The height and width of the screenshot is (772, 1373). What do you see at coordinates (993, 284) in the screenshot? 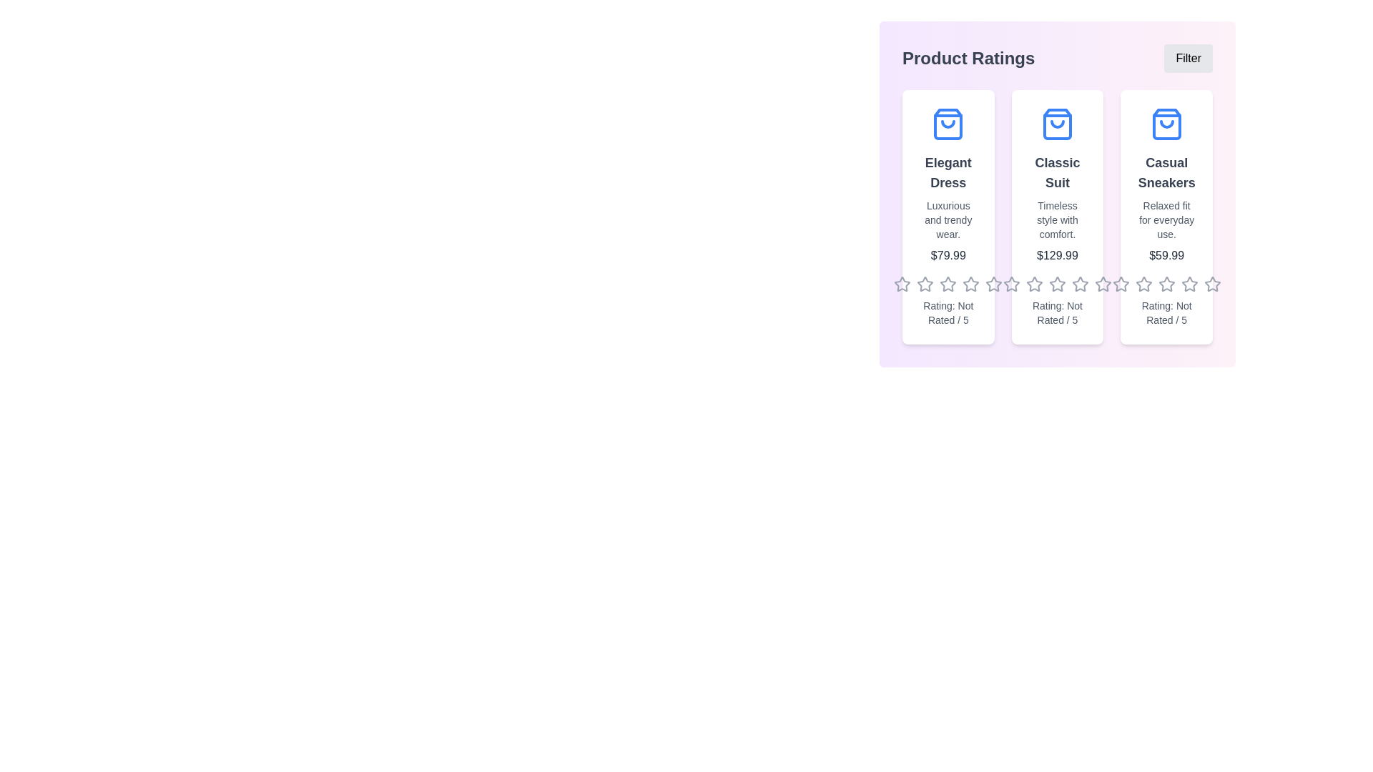
I see `the rating of a product to 5 stars by clicking on the respective star in the product's rating section` at bounding box center [993, 284].